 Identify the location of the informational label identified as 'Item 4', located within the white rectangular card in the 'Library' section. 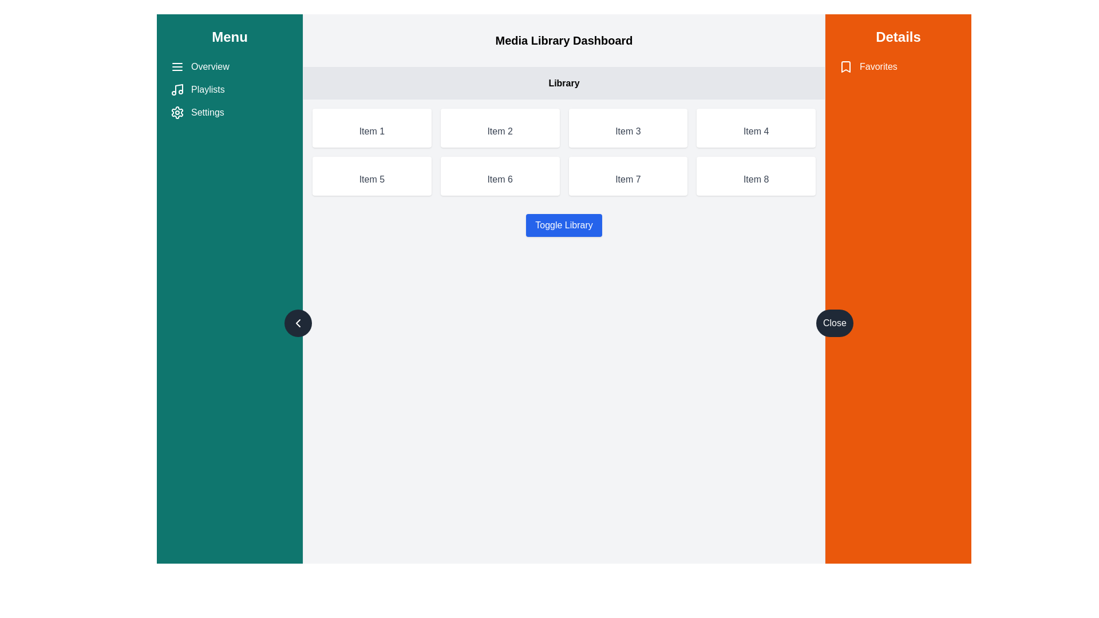
(756, 131).